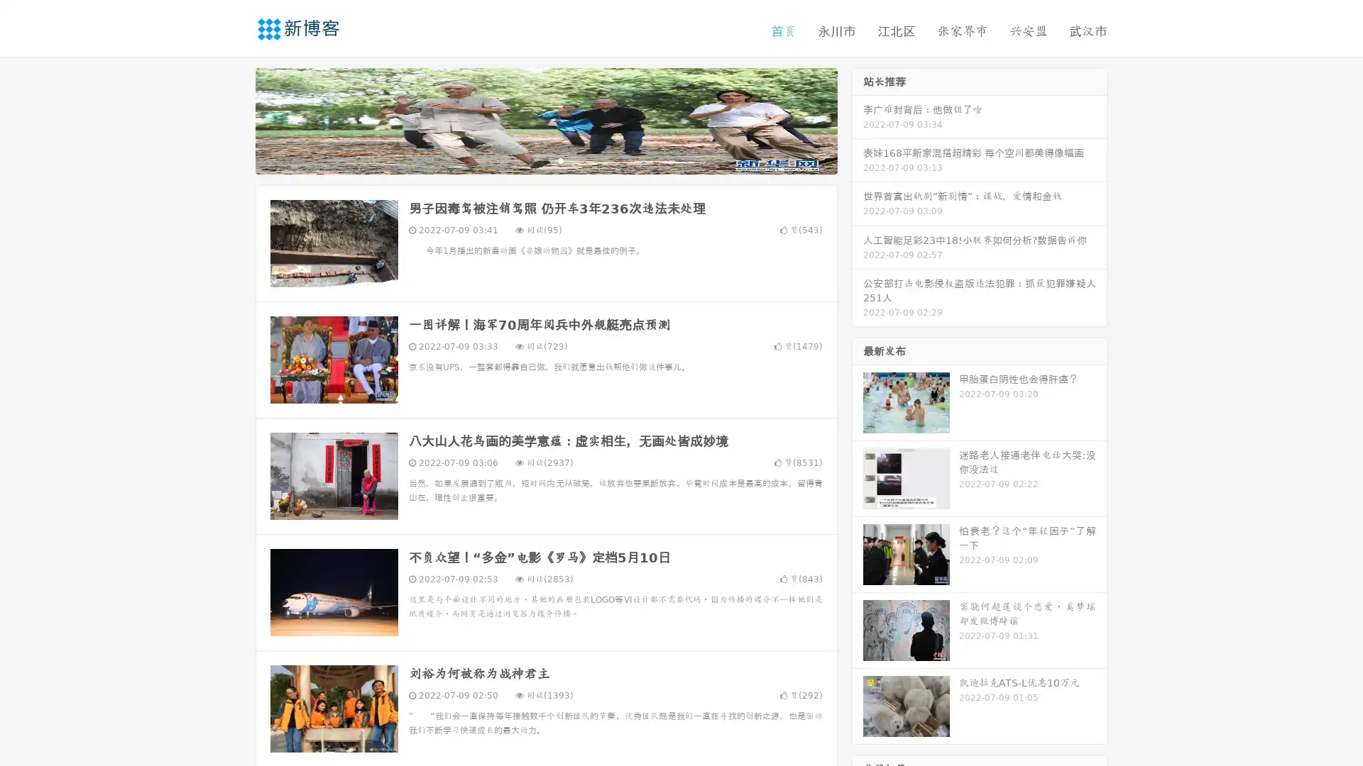 The height and width of the screenshot is (766, 1363). I want to click on Previous slide, so click(234, 119).